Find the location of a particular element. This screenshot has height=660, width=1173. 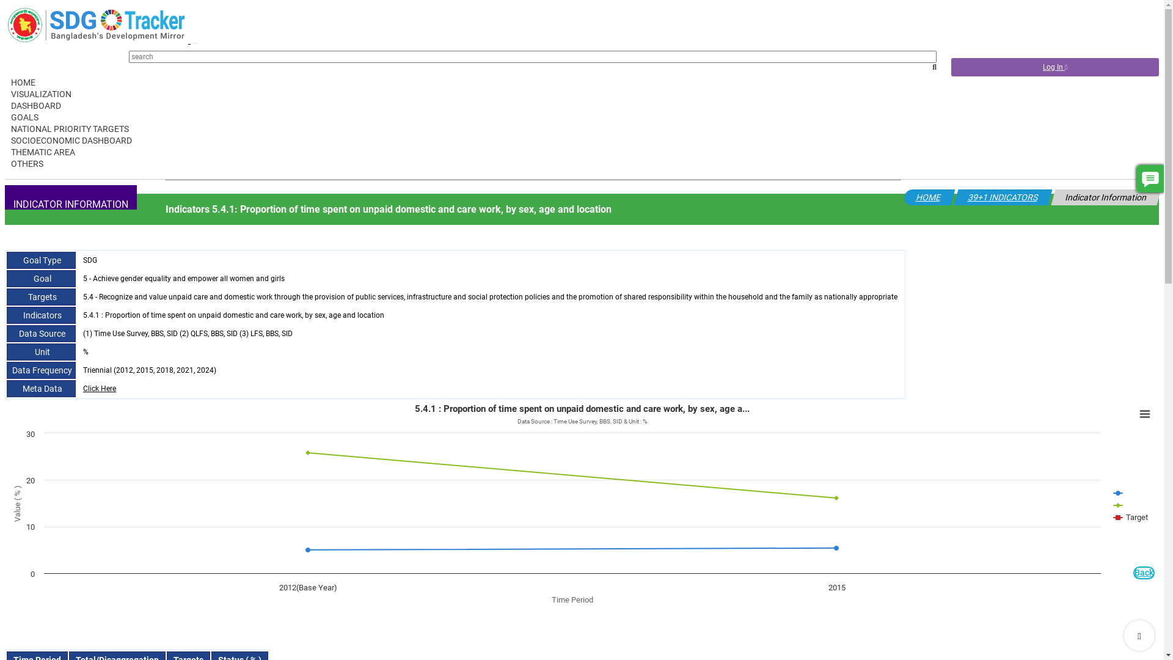

'GOALS' is located at coordinates (21, 117).